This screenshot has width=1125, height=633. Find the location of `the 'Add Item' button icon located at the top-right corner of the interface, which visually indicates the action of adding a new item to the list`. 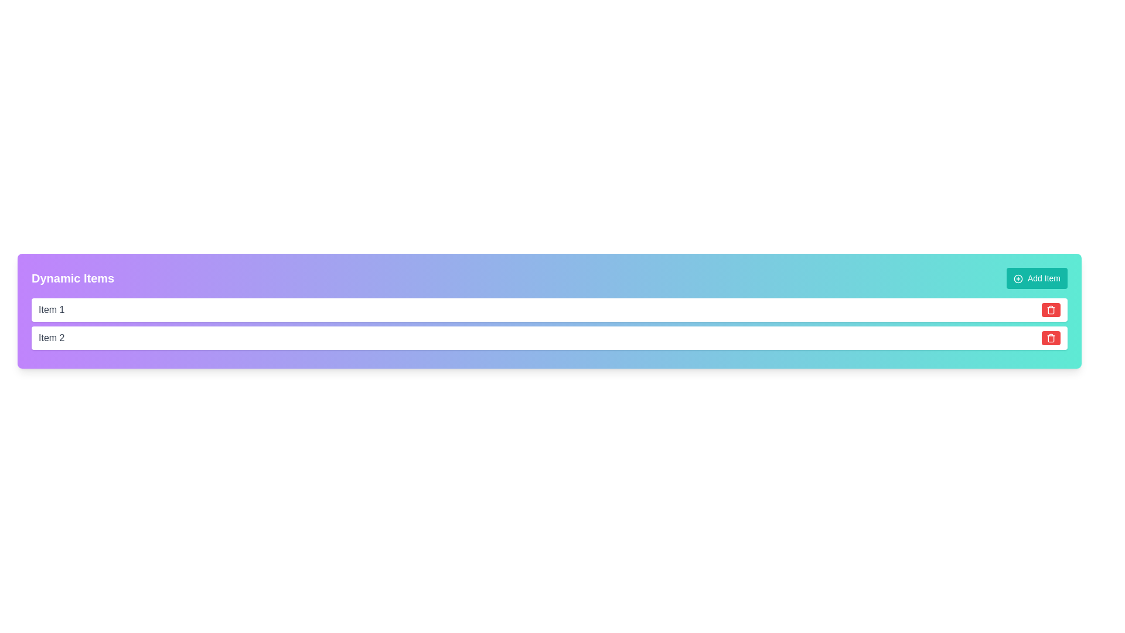

the 'Add Item' button icon located at the top-right corner of the interface, which visually indicates the action of adding a new item to the list is located at coordinates (1017, 279).